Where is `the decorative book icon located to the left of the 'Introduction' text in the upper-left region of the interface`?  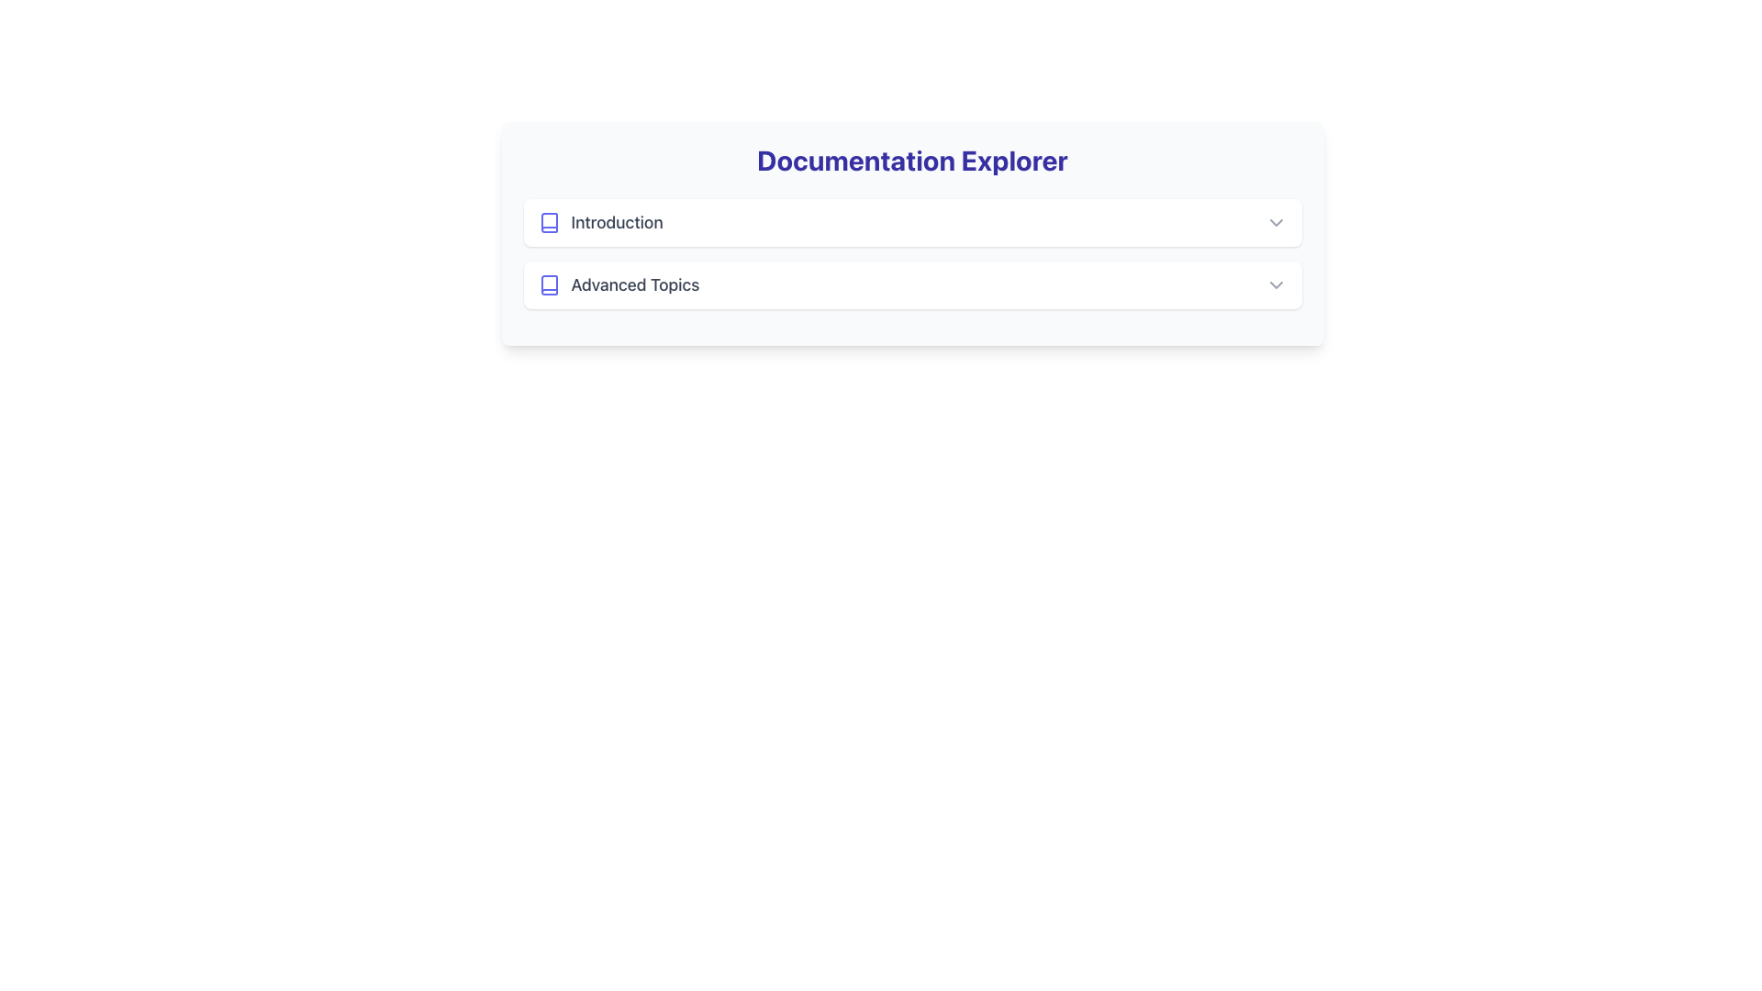
the decorative book icon located to the left of the 'Introduction' text in the upper-left region of the interface is located at coordinates (548, 222).